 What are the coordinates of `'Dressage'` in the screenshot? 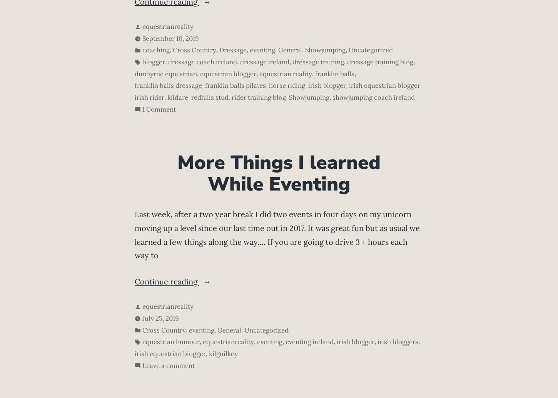 It's located at (232, 50).